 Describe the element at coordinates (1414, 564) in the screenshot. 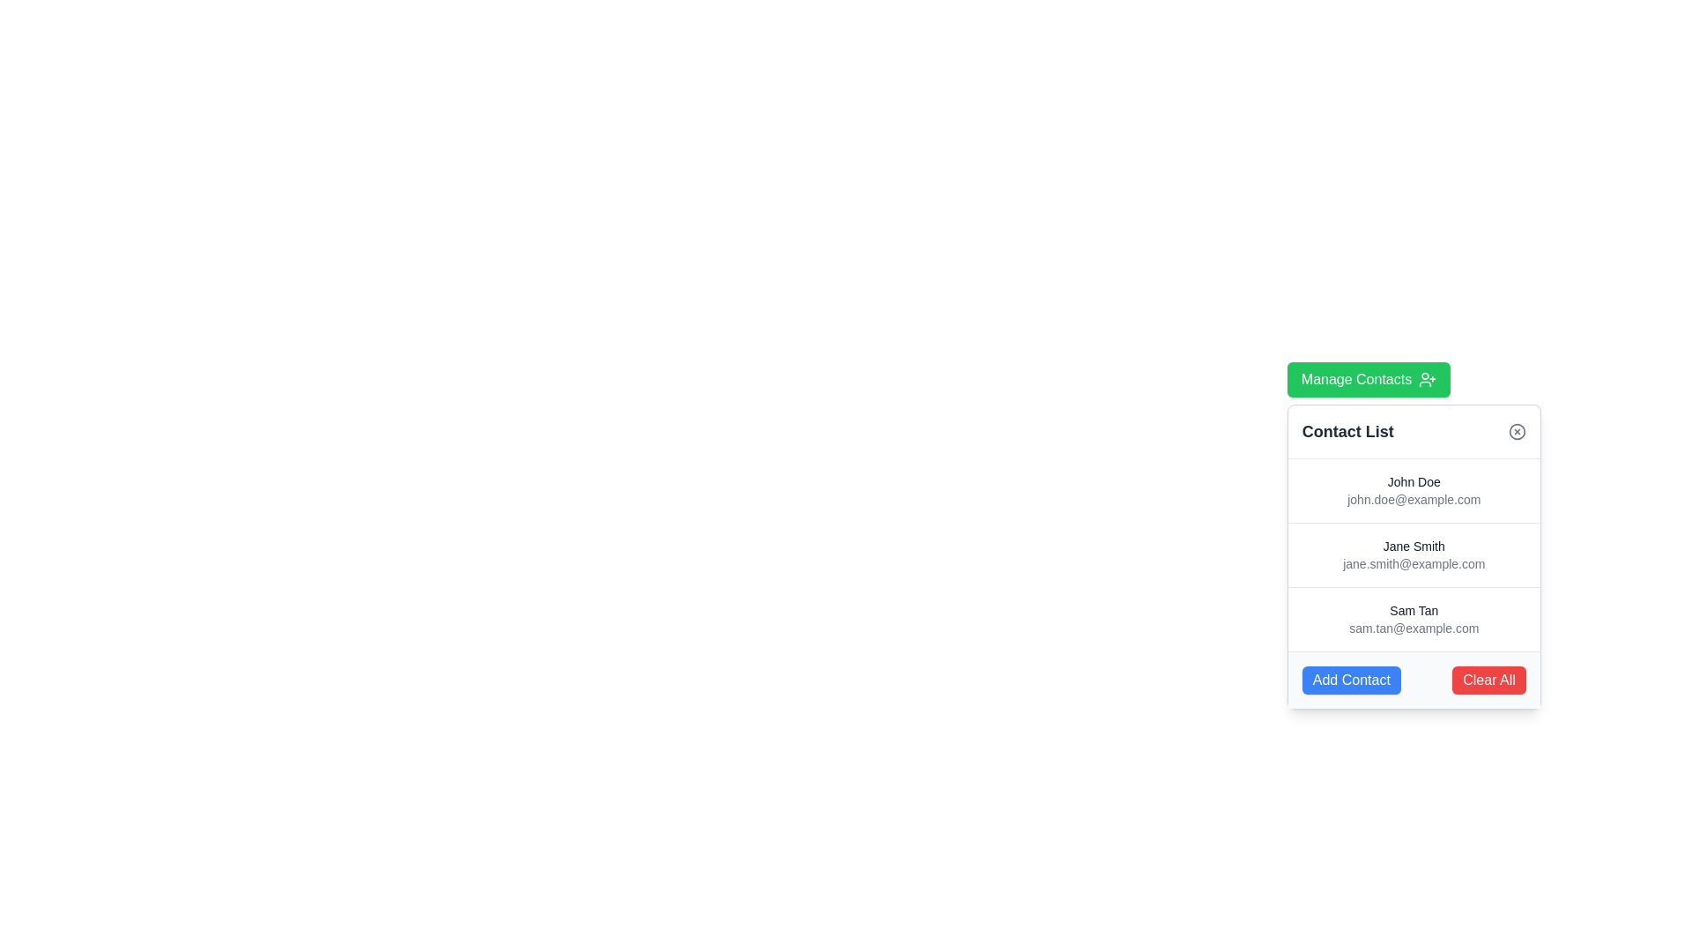

I see `the email address displayed for the contact 'Jane Smith', which is positioned directly below the name text within the contact list item in the modal` at that location.